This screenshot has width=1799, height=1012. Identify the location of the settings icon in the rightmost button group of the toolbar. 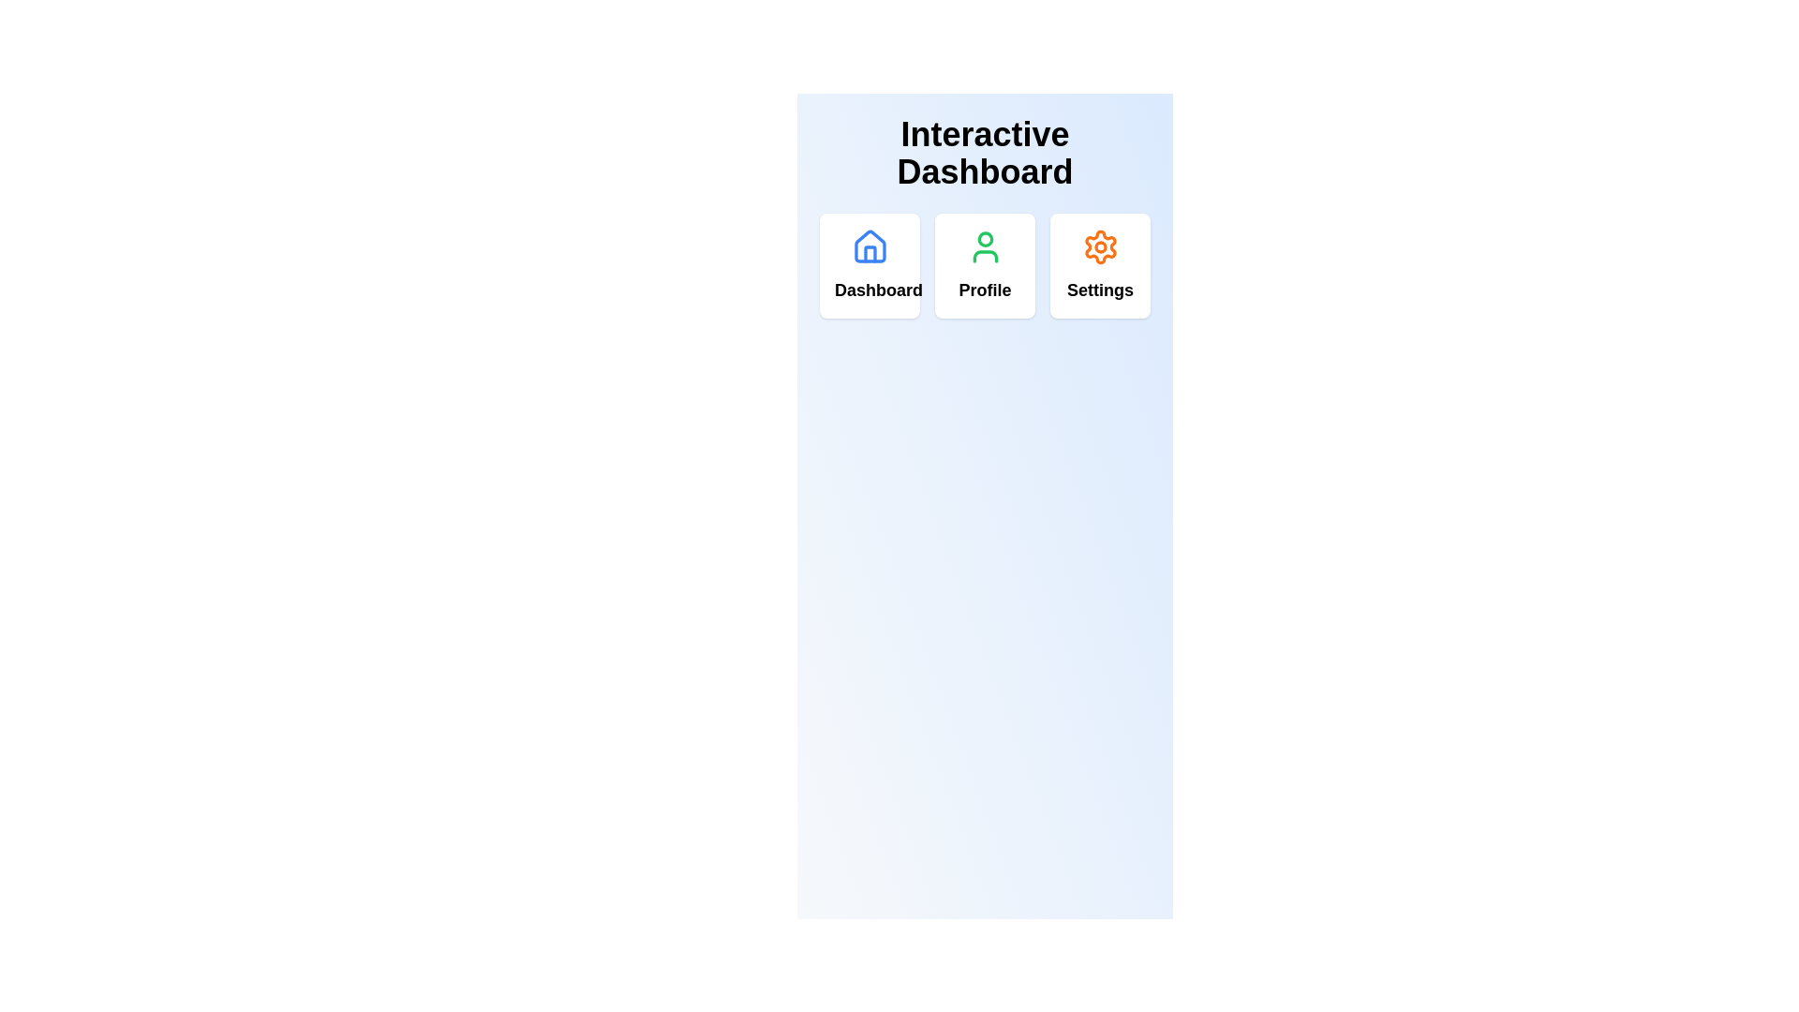
(1100, 246).